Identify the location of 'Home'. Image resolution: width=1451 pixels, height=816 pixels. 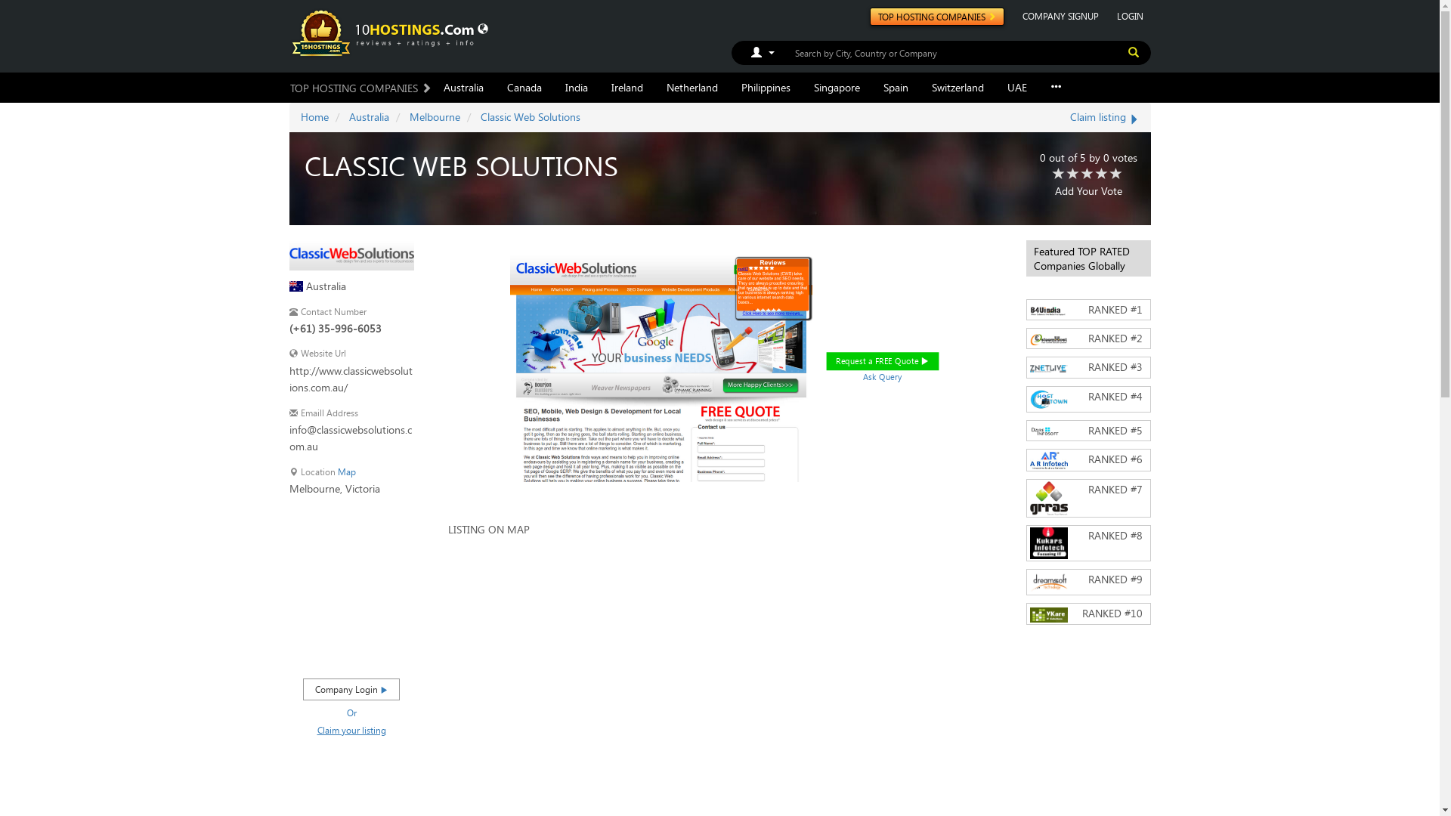
(314, 116).